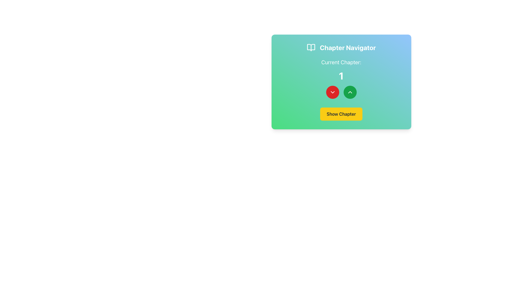  I want to click on the 'Show Chapter' button, which is located at the bottom center of the 'Chapter Navigator' card and features a yellow background to observe its hover effect, so click(341, 114).